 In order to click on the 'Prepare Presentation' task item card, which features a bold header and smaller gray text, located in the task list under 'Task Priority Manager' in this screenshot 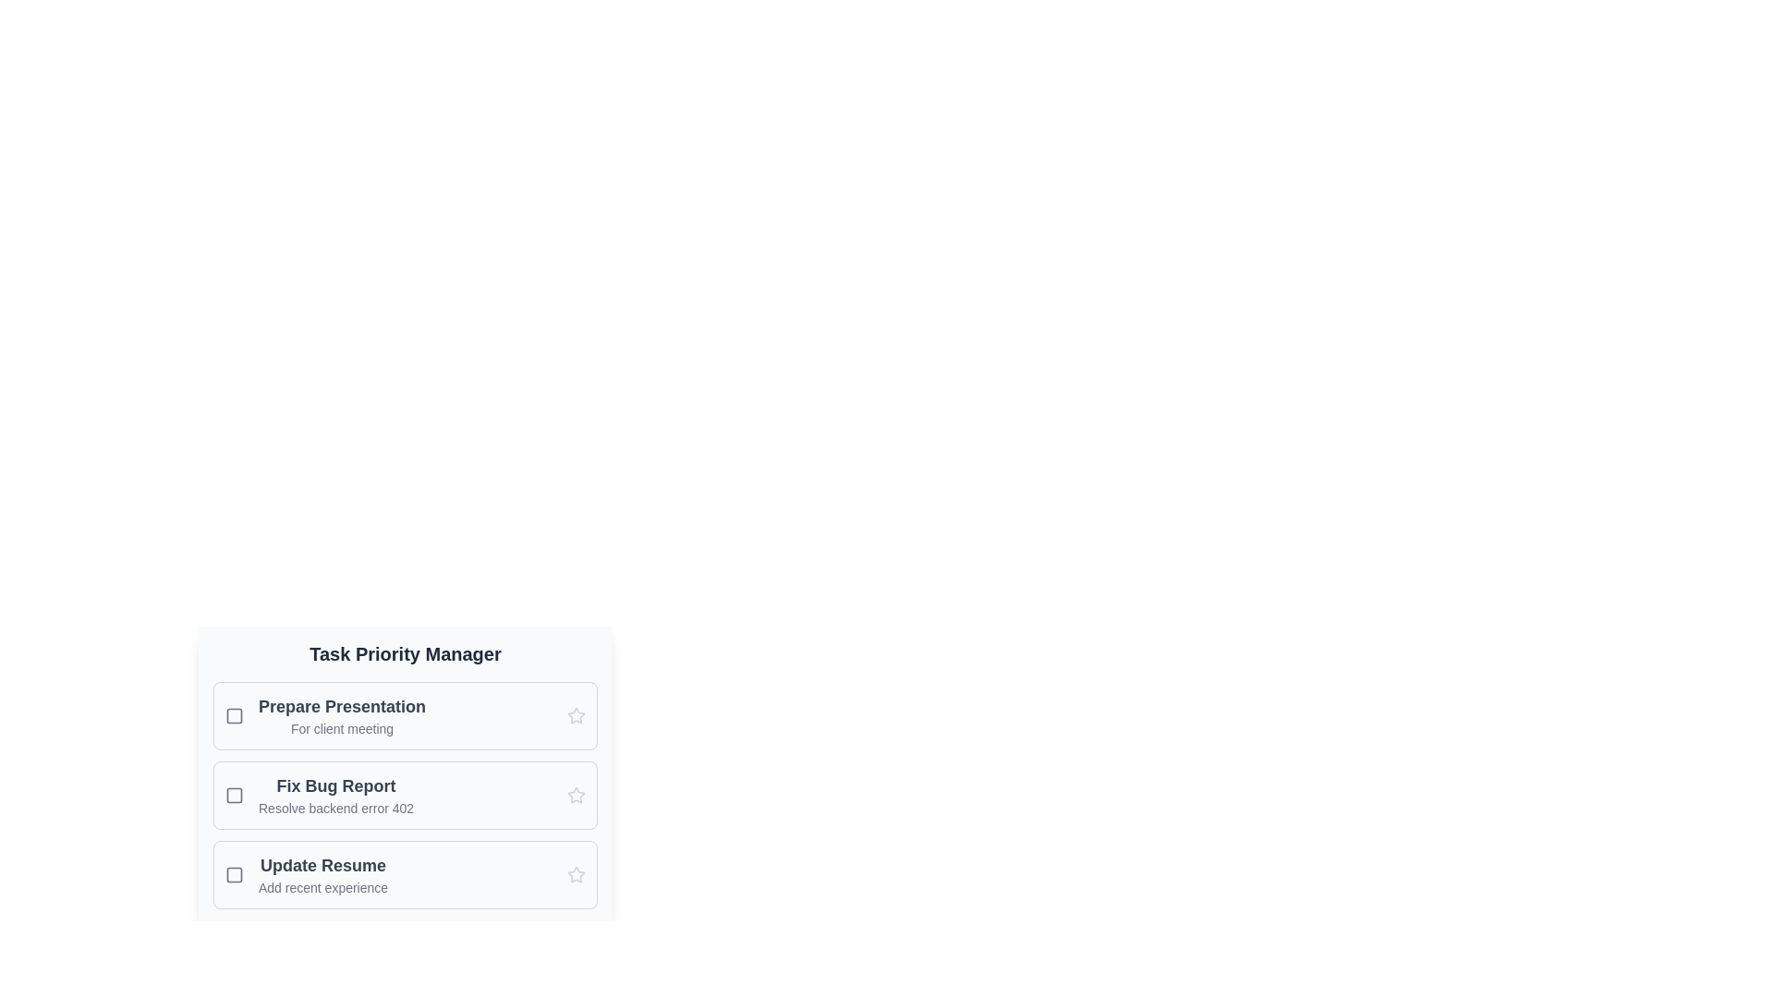, I will do `click(342, 715)`.